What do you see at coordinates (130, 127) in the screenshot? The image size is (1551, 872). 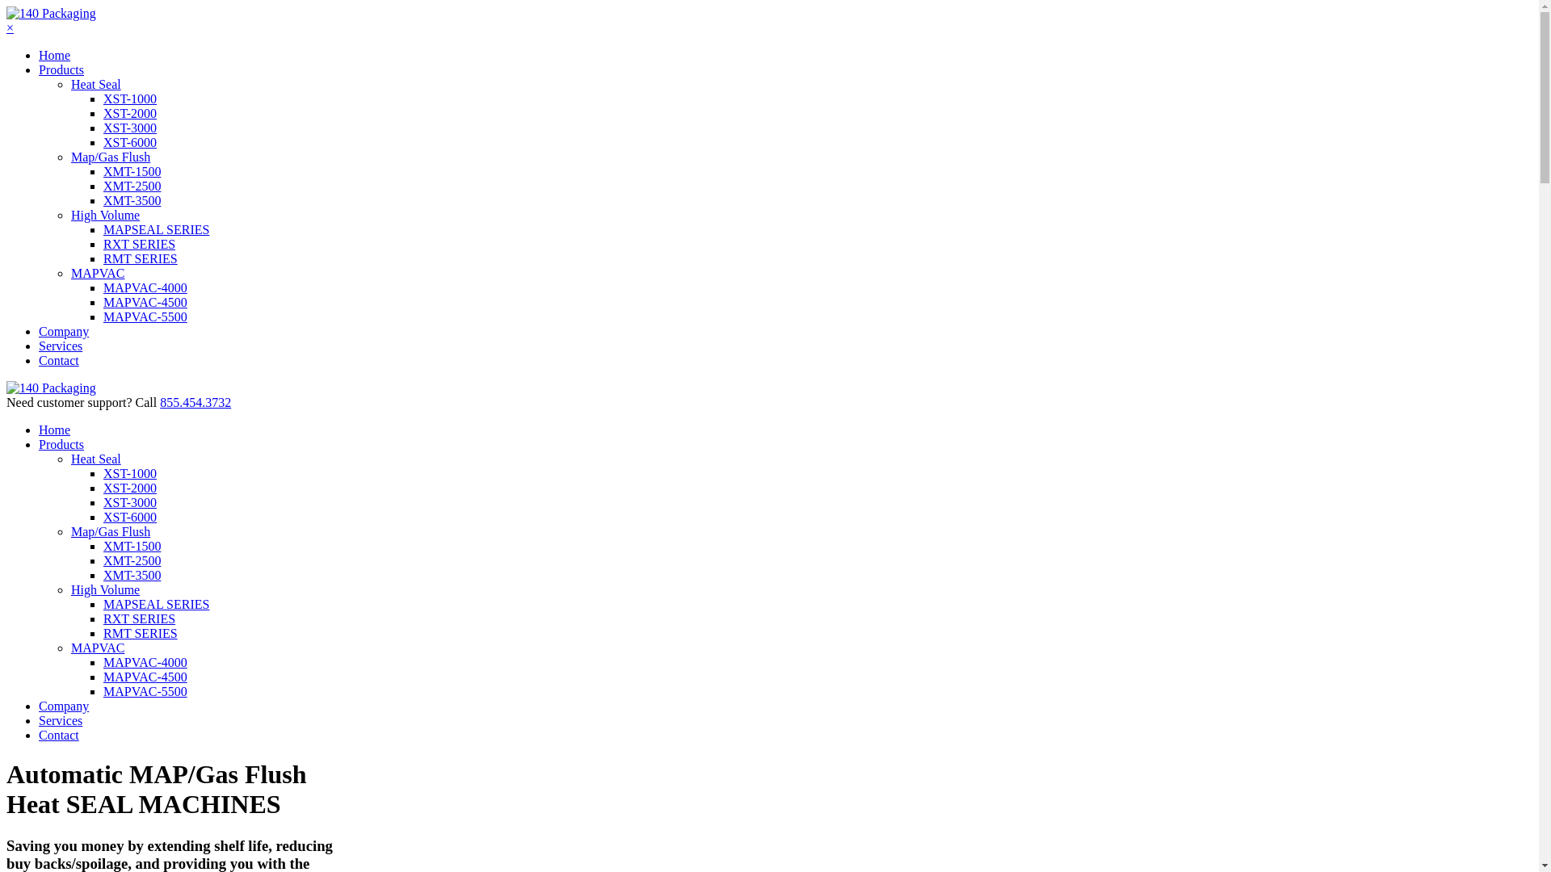 I see `'XST-3000'` at bounding box center [130, 127].